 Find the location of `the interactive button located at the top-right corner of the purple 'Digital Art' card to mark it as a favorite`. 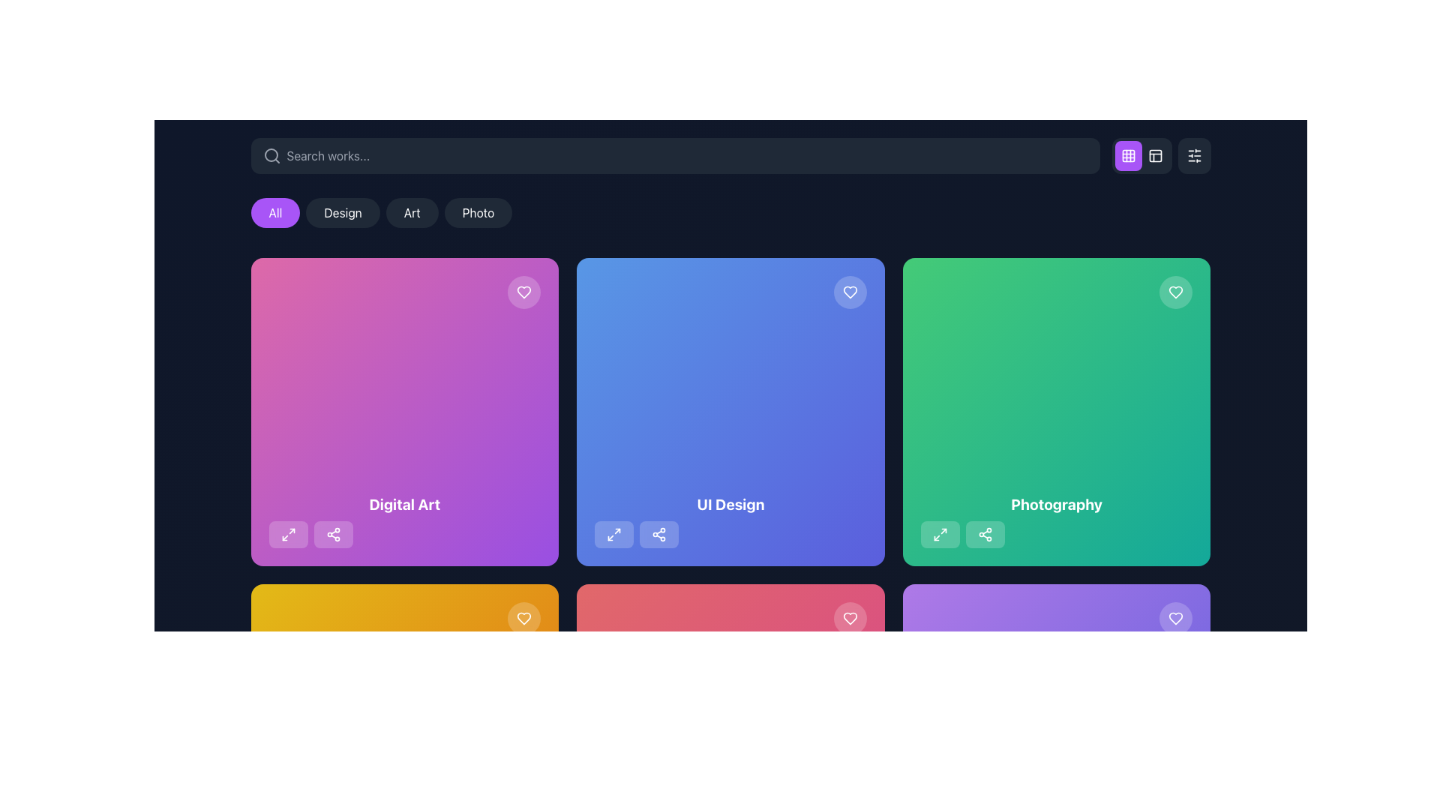

the interactive button located at the top-right corner of the purple 'Digital Art' card to mark it as a favorite is located at coordinates (524, 292).